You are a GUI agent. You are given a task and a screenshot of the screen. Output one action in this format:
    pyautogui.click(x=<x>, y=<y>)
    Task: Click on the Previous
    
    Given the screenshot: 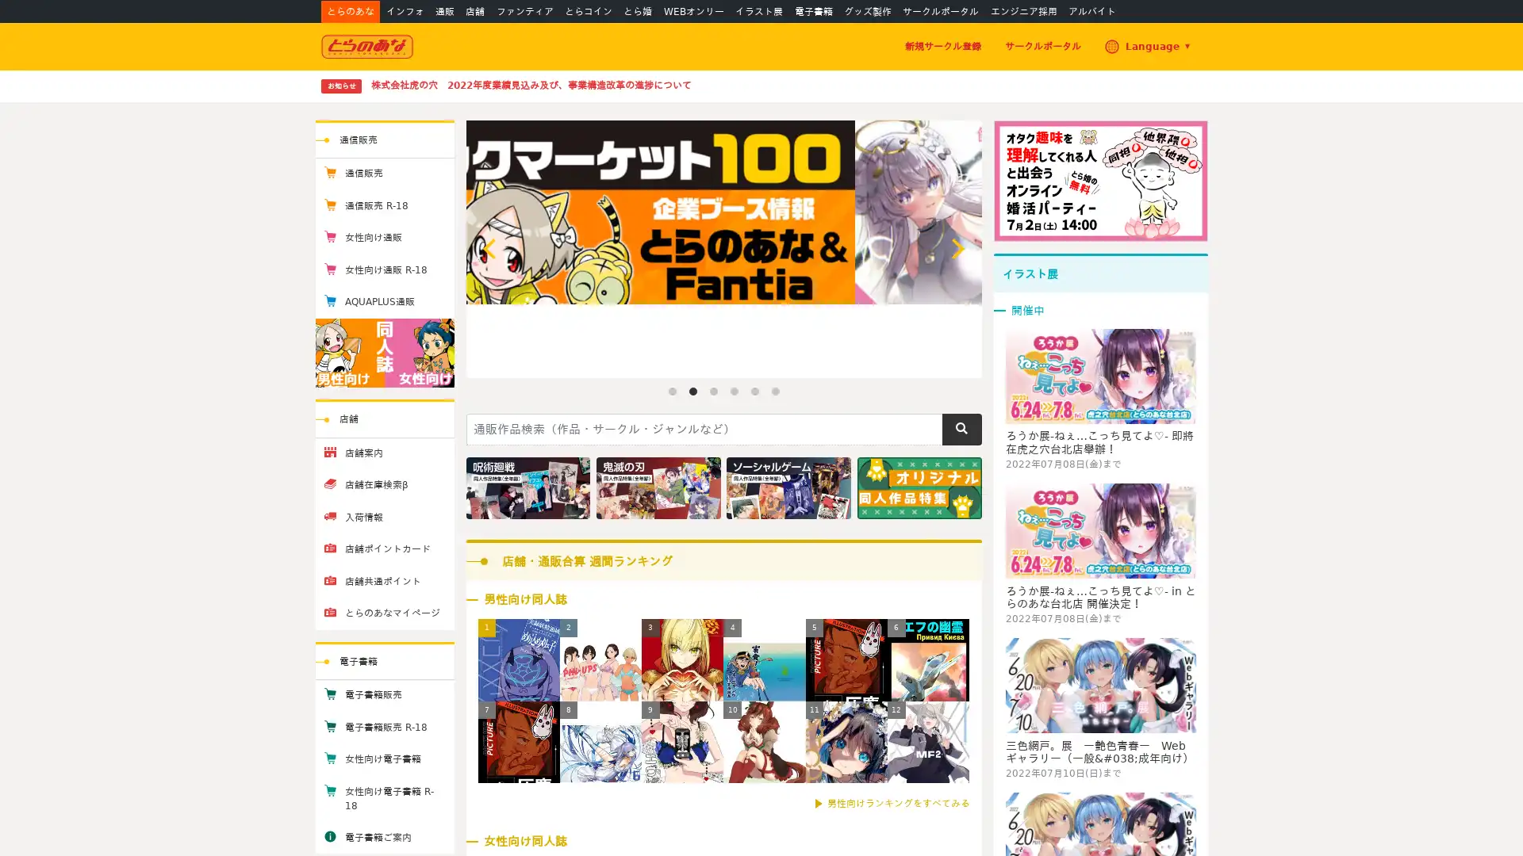 What is the action you would take?
    pyautogui.click(x=490, y=248)
    